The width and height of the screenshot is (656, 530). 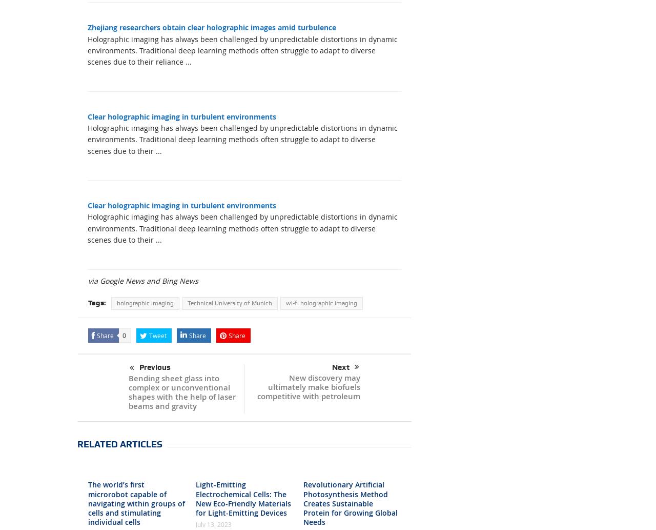 I want to click on 'Snapchat', so click(x=347, y=304).